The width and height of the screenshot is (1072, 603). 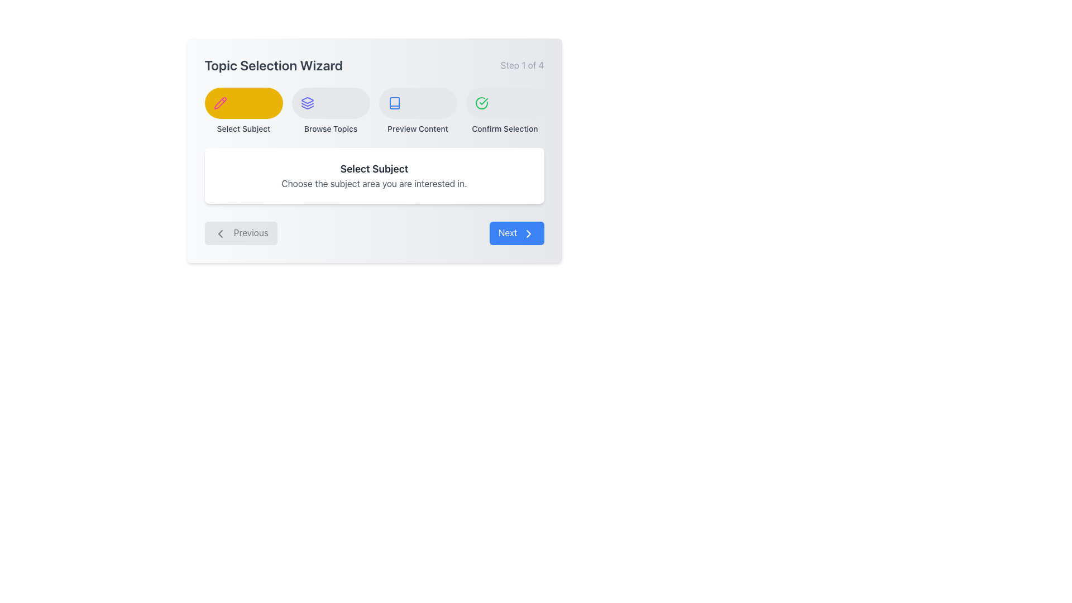 I want to click on the 'Confirm Selection' button, which is the last element in a row of four, indicating a choice confirmation in a multi-step process UI, so click(x=504, y=111).